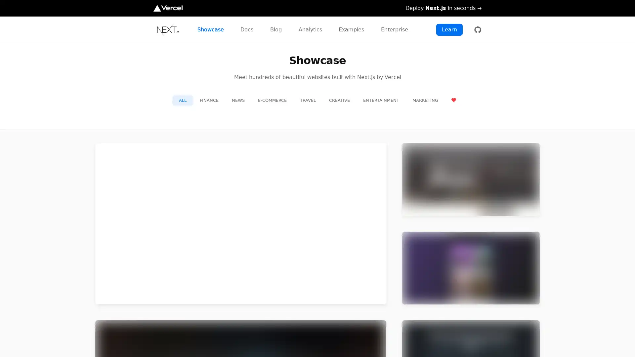 The image size is (635, 357). I want to click on MARKETING, so click(425, 100).